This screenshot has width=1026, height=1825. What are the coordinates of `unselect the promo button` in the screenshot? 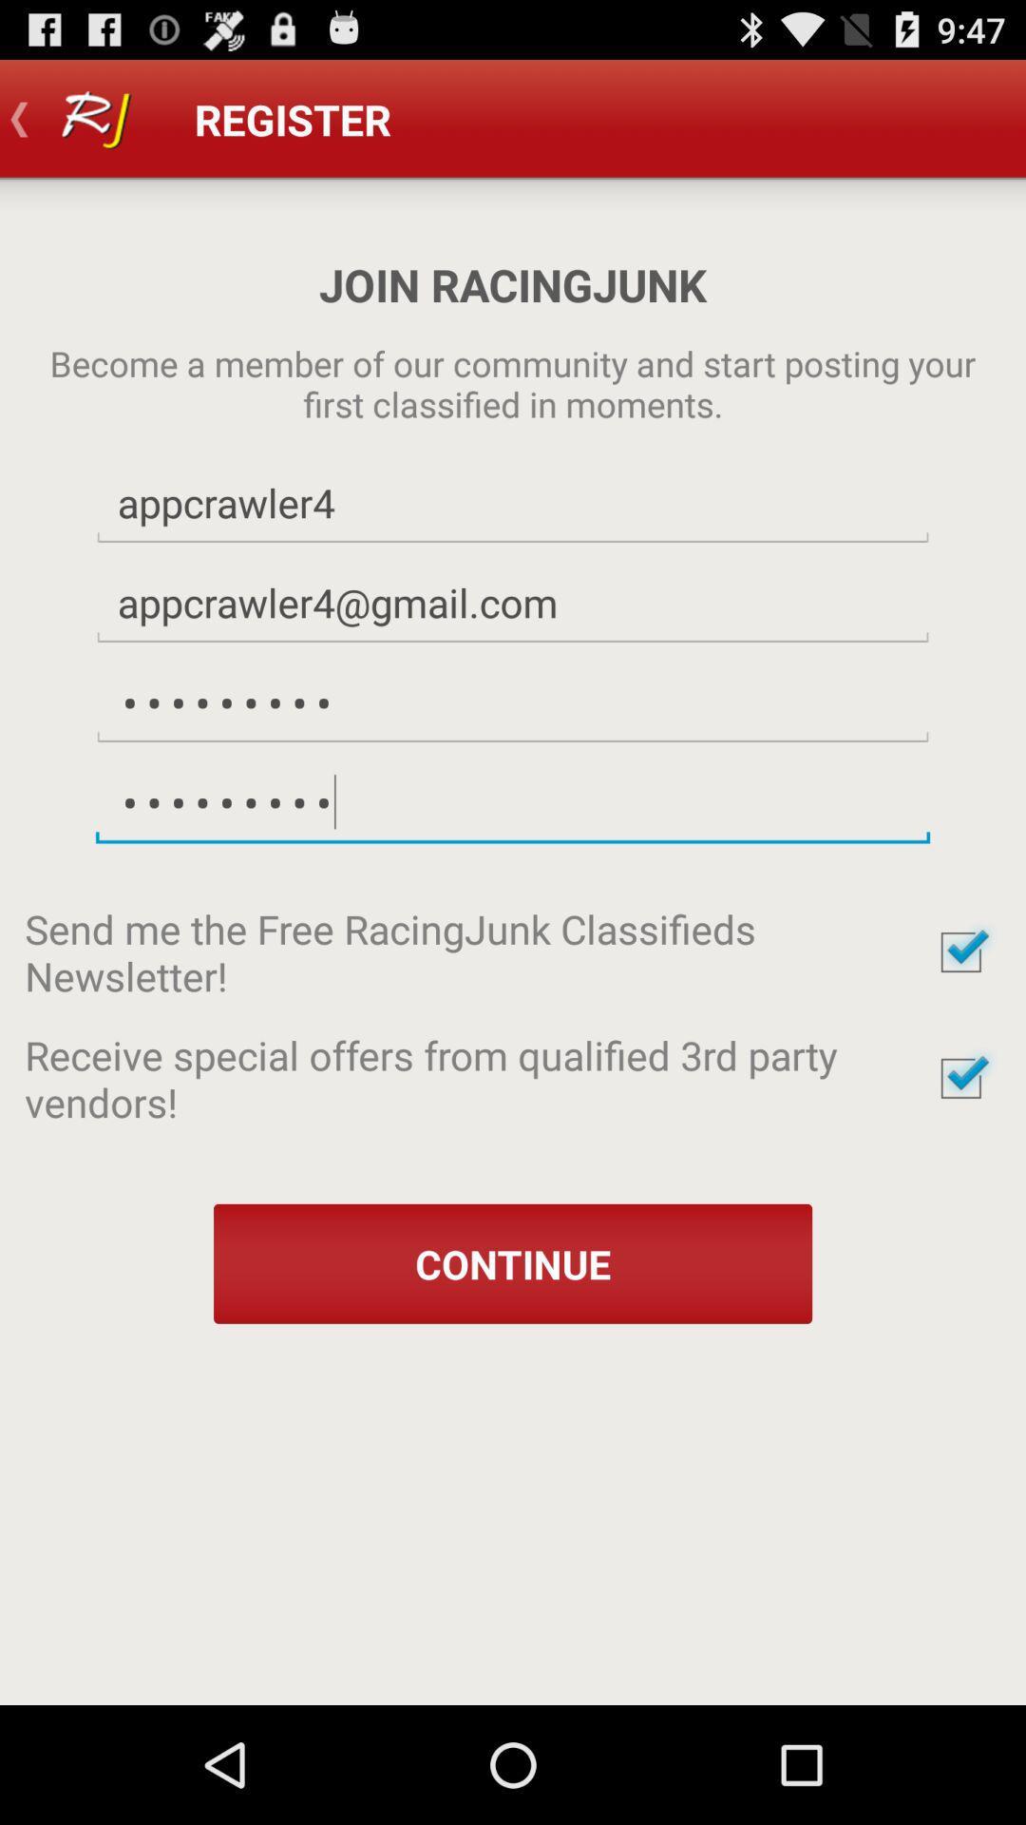 It's located at (960, 1078).